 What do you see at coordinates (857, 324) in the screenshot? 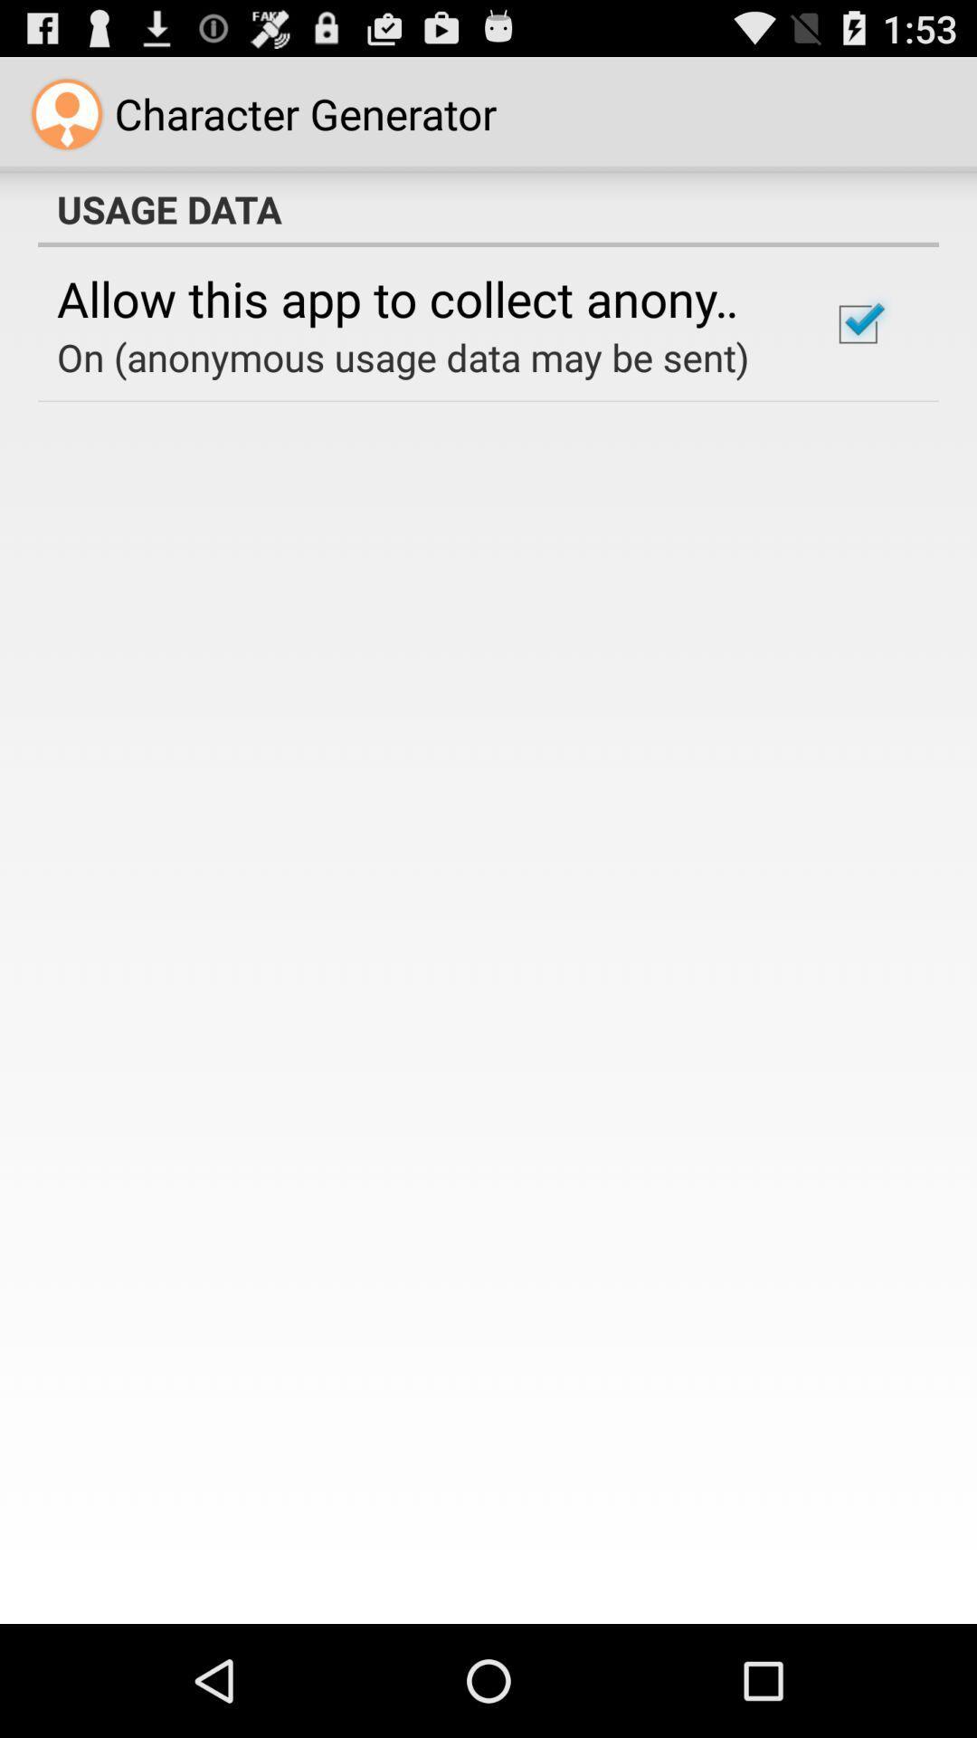
I see `item next to the allow this app icon` at bounding box center [857, 324].